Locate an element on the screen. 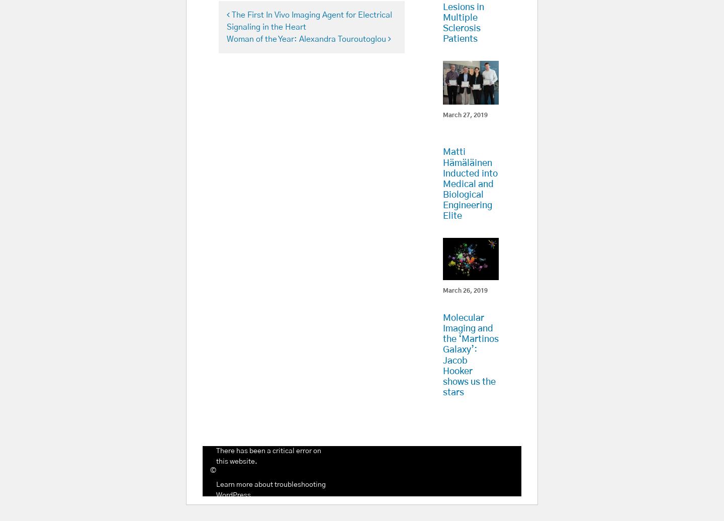 The image size is (724, 521). 'Molecular Imaging and the ‘Martinos Galaxy’: Jacob Hooker shows us the stars' is located at coordinates (470, 355).